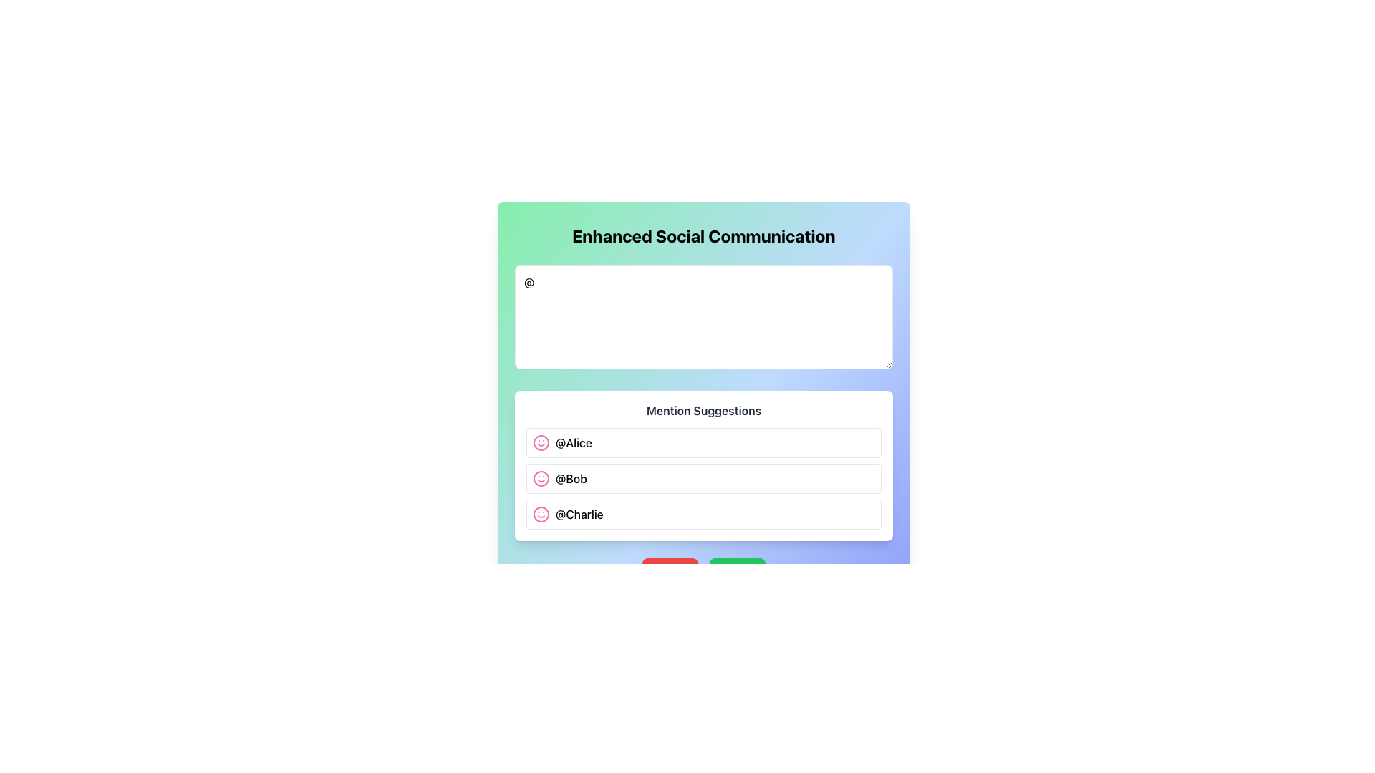 This screenshot has width=1375, height=773. What do you see at coordinates (540, 513) in the screenshot?
I see `the circular icon with a pink outline, which is part of the smiley face illustration located to the left of '@Charlie' in the 'Mention Suggestions' list` at bounding box center [540, 513].